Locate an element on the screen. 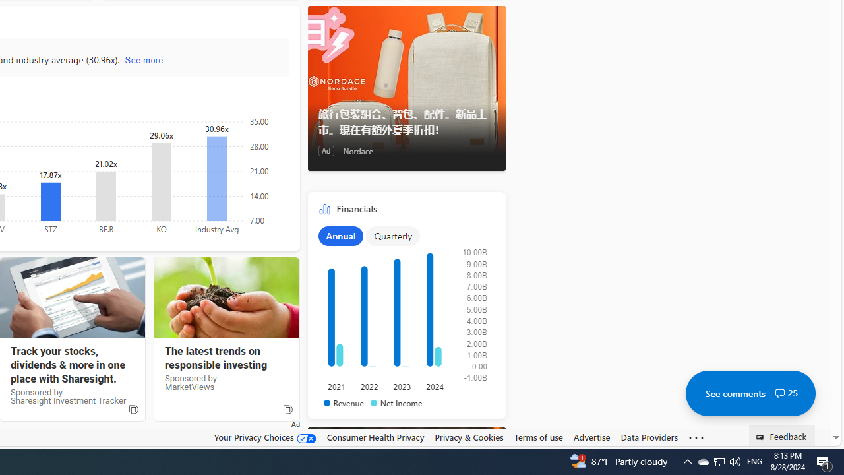  'Consumer Health Privacy' is located at coordinates (375, 437).